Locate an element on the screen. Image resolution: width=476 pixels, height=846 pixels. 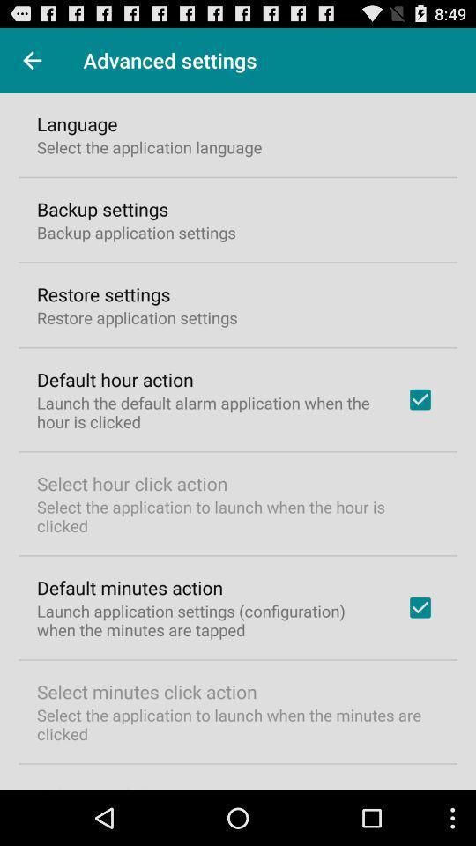
item next to advanced settings icon is located at coordinates (32, 60).